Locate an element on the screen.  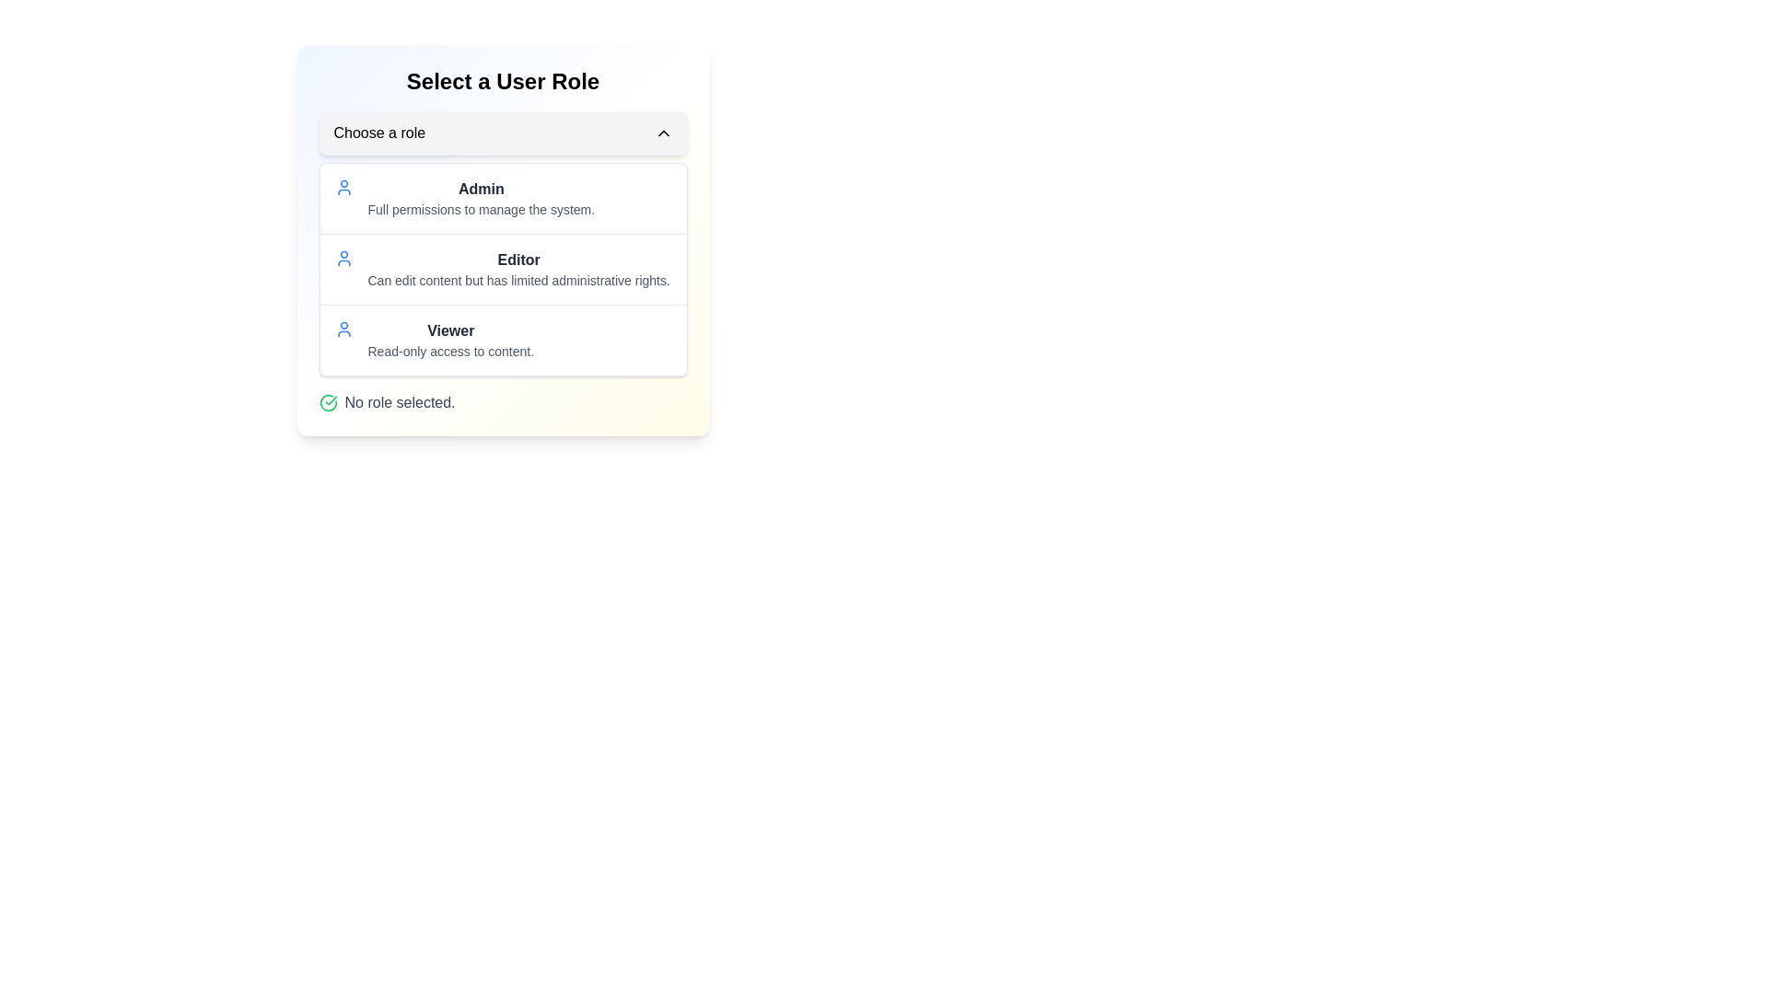
the text label 'Read-only access to content.' which is styled in gray and located below the 'Viewer' label in the user role selection interface is located at coordinates (450, 351).